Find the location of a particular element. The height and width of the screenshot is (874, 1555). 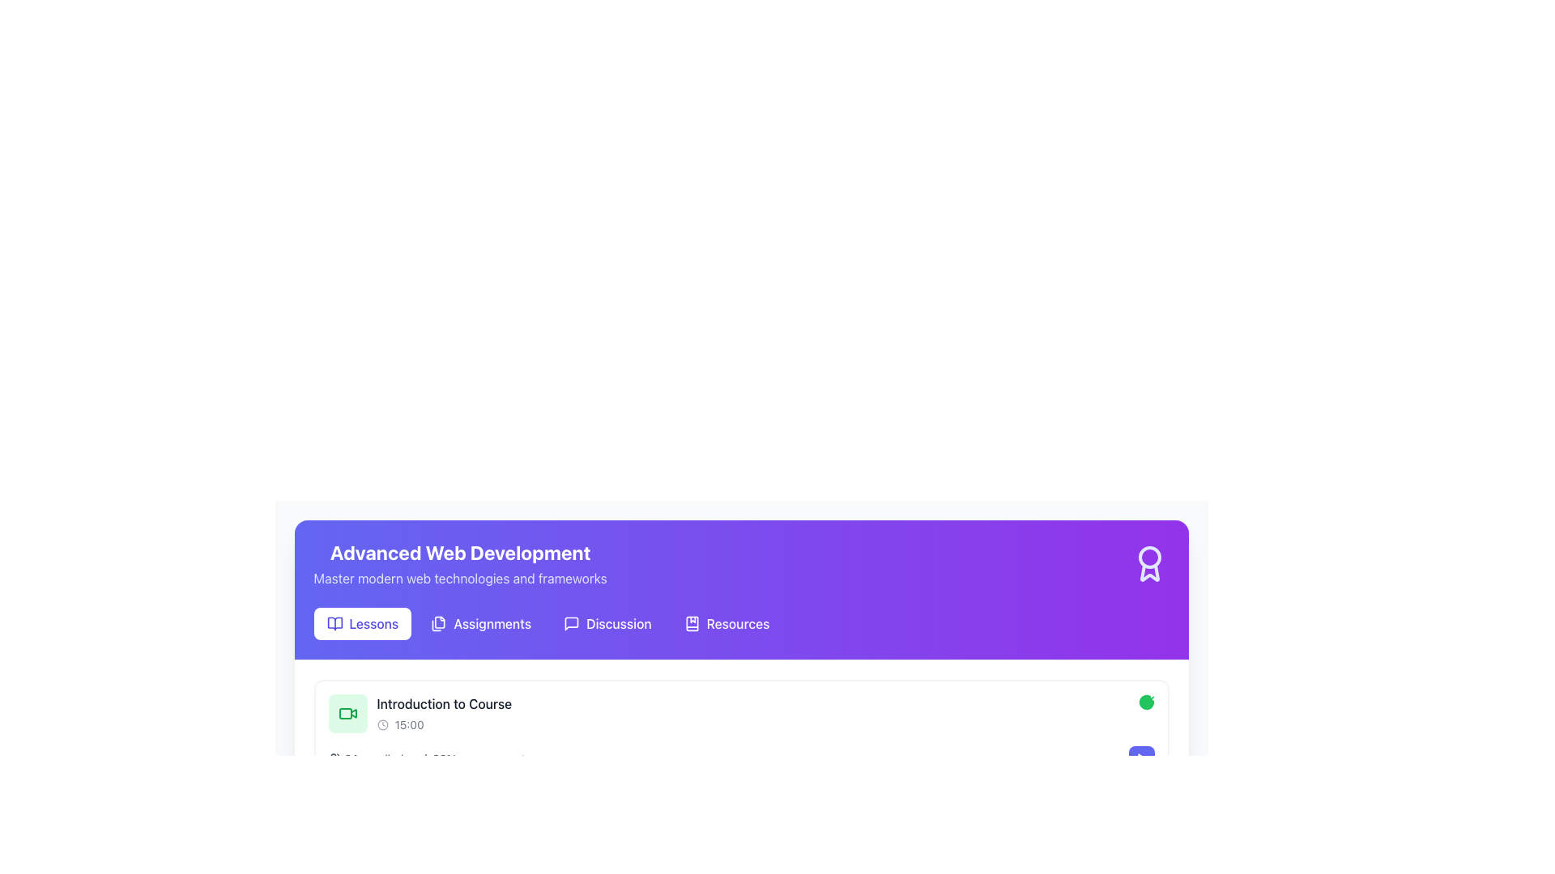

the 'Discussion' text label in the navigation menu, which is styled with white font on a purple background and positioned between 'Assignments' and 'Resources' is located at coordinates (618, 623).